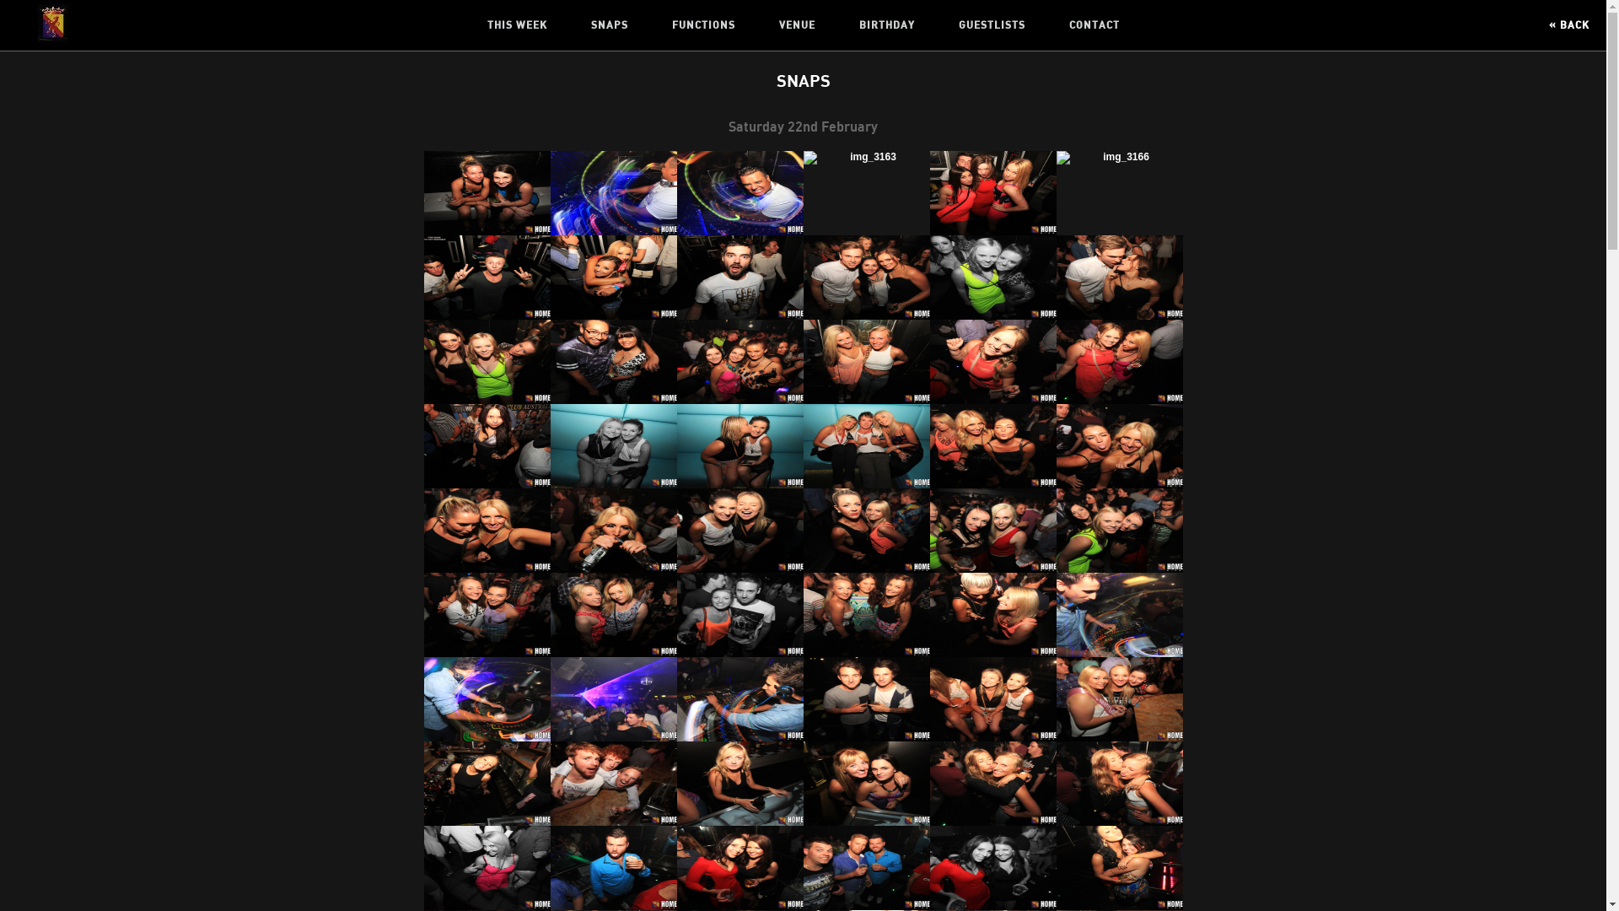 The width and height of the screenshot is (1619, 911). Describe the element at coordinates (1118, 699) in the screenshot. I see `' '` at that location.